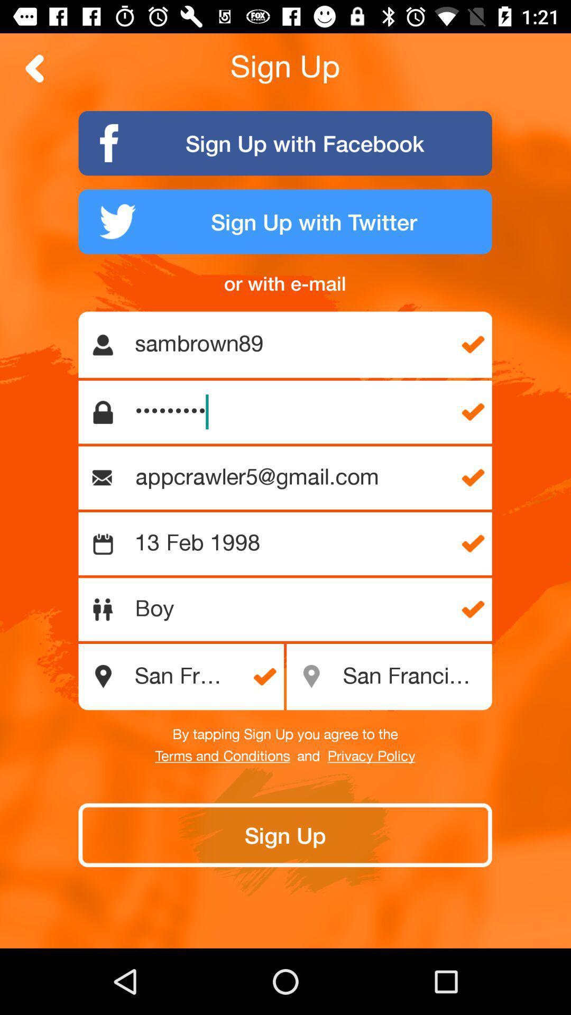 This screenshot has width=571, height=1015. What do you see at coordinates (34, 68) in the screenshot?
I see `the arrow_backward icon` at bounding box center [34, 68].